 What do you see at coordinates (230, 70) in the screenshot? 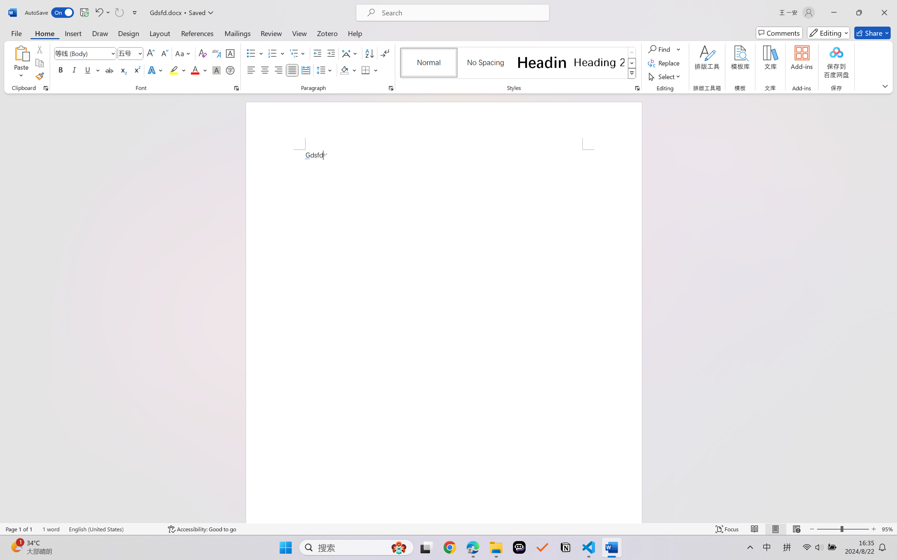
I see `'Enclose Characters...'` at bounding box center [230, 70].